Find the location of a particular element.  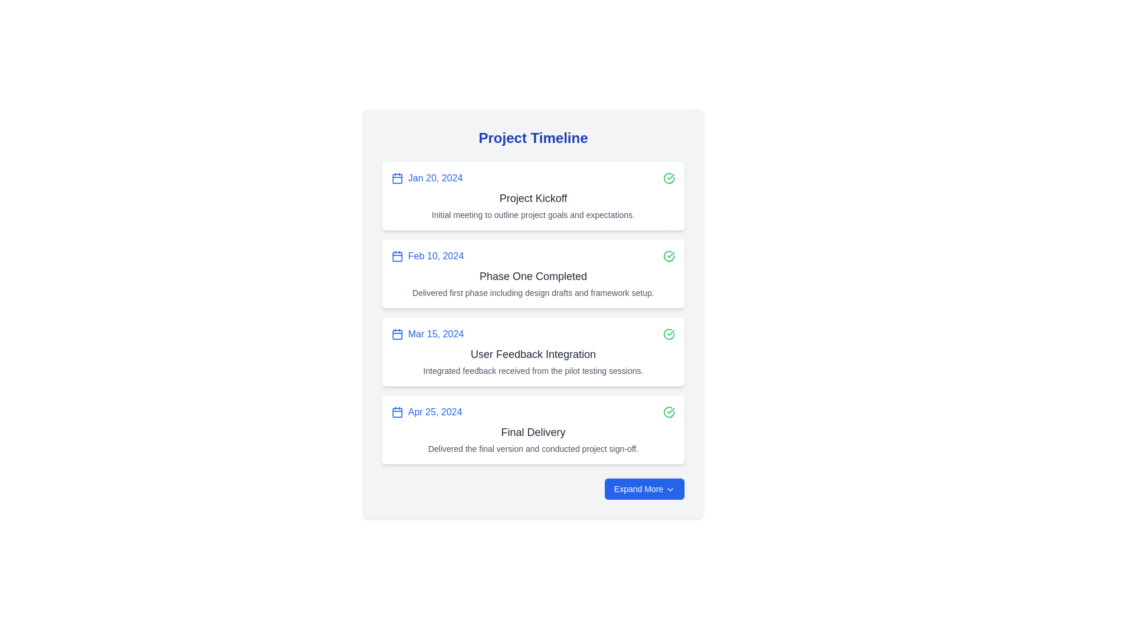

the text label with an icon representing the date 'Project Kickoff' in the 'Project Timeline' section, located at the top left of the first card in the timeline is located at coordinates (426, 178).